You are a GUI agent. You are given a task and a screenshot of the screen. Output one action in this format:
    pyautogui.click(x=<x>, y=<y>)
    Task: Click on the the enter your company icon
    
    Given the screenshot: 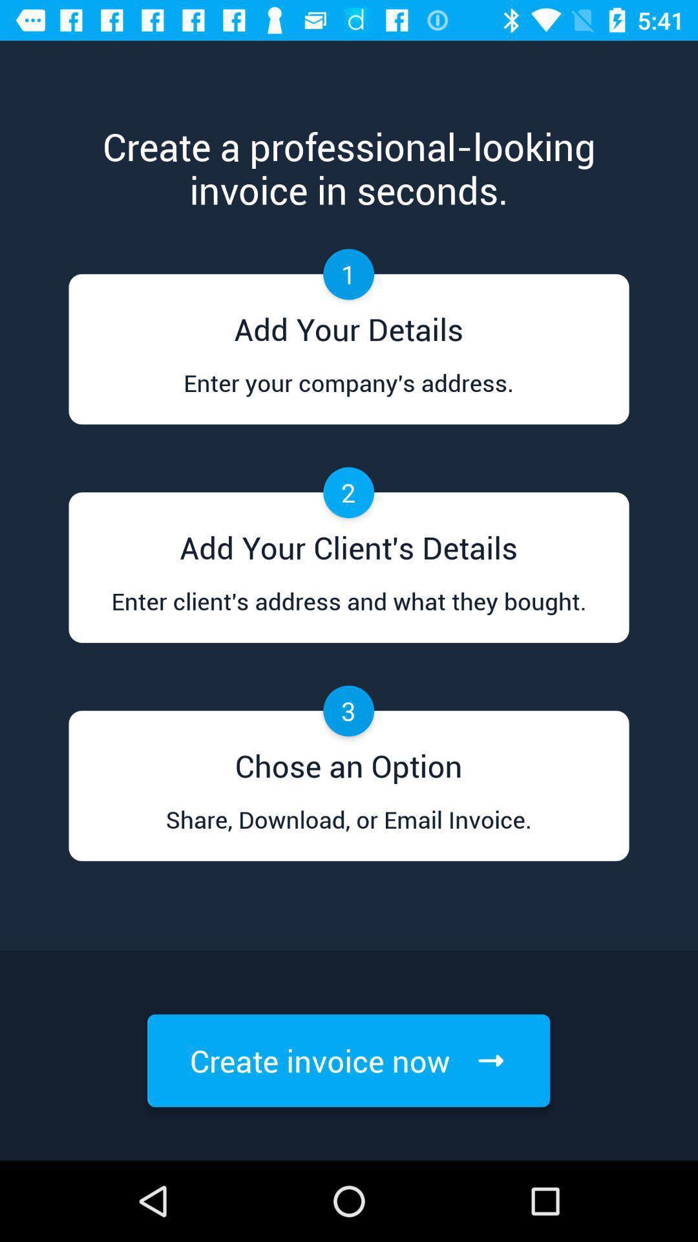 What is the action you would take?
    pyautogui.click(x=348, y=395)
    